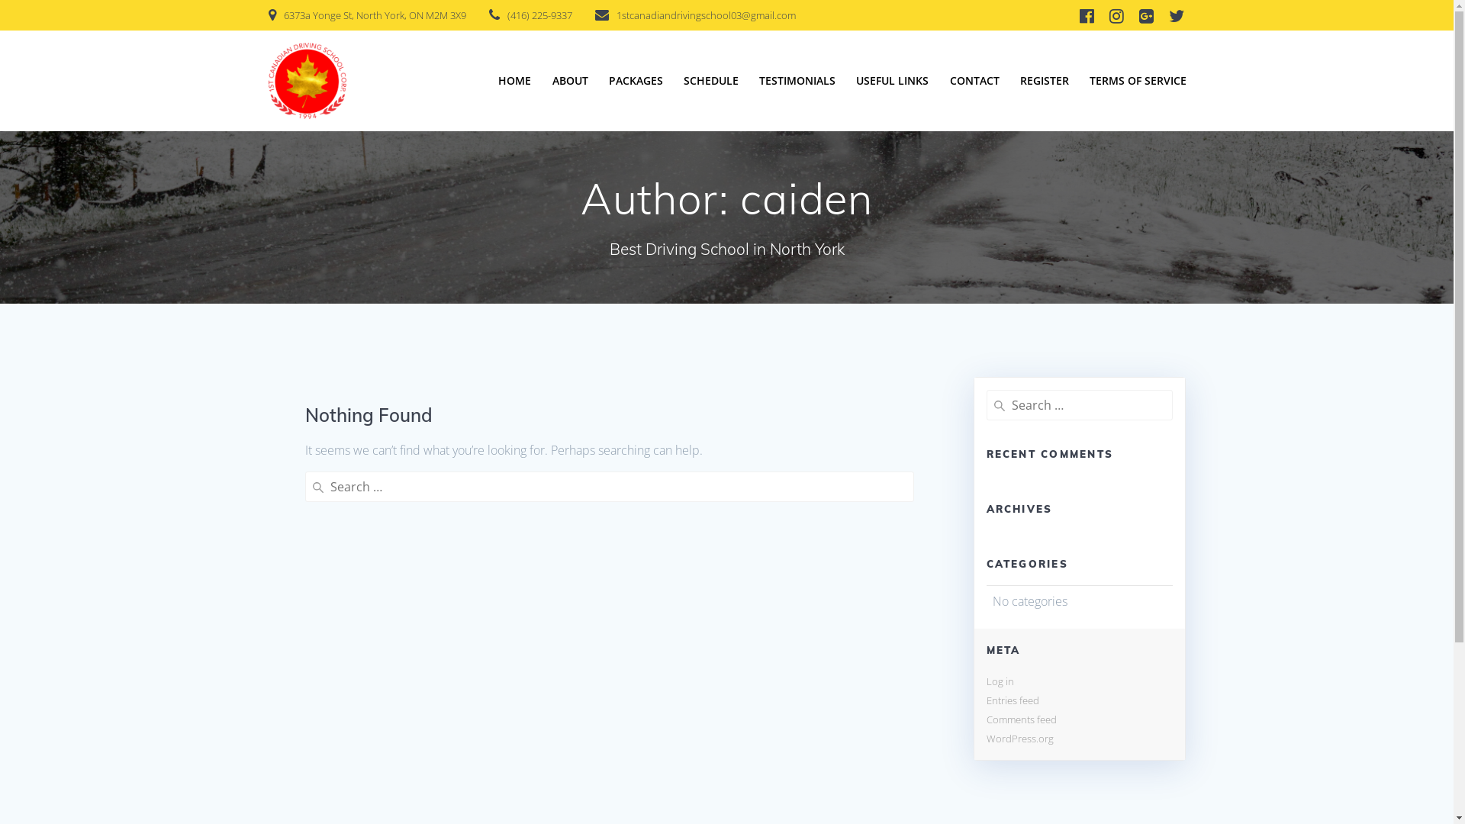 The width and height of the screenshot is (1465, 824). What do you see at coordinates (1021, 719) in the screenshot?
I see `'Comments feed'` at bounding box center [1021, 719].